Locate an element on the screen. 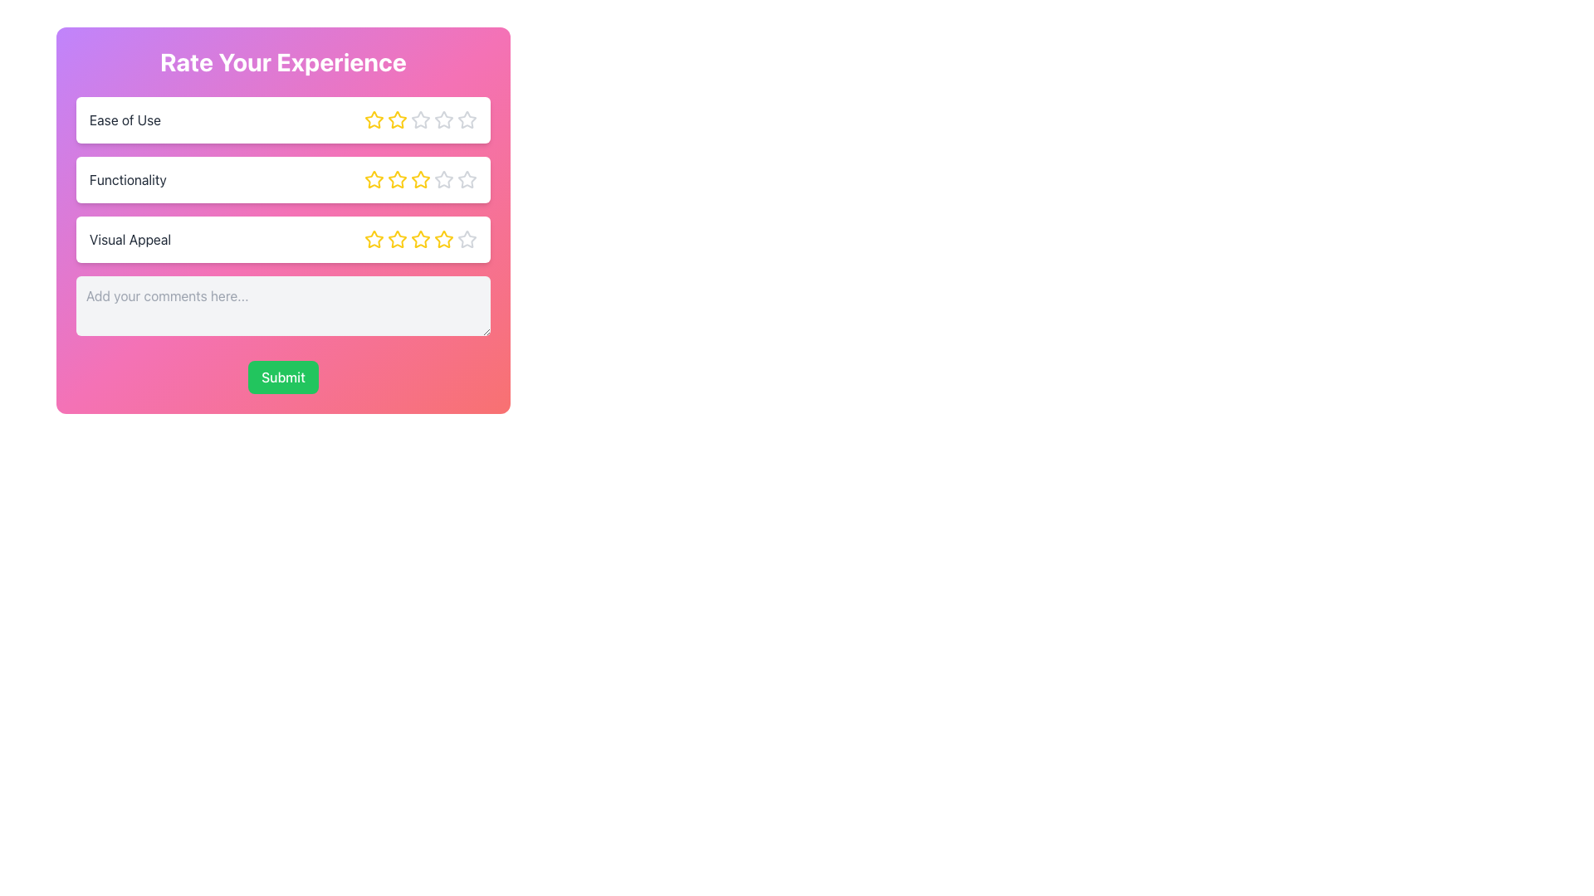 The image size is (1594, 896). the third star icon in the 'Visual Appeal' rating row is located at coordinates (421, 240).